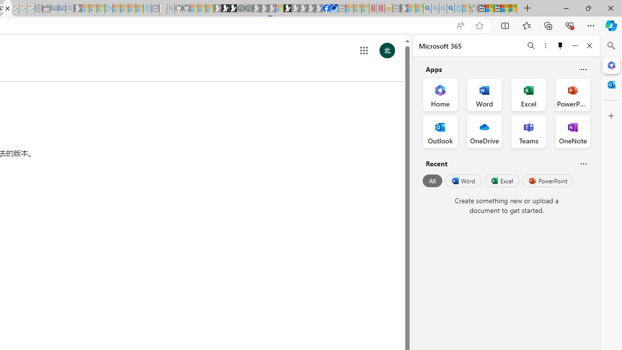  What do you see at coordinates (171, 8) in the screenshot?
I see `'github - Search - Sleeping'` at bounding box center [171, 8].